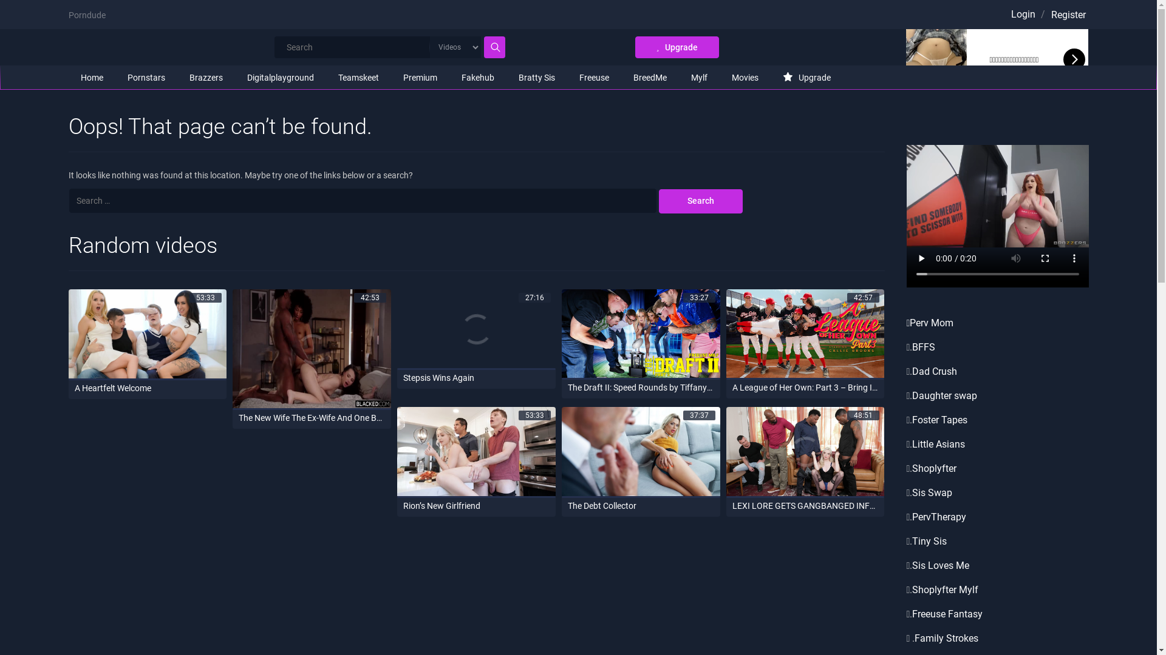  I want to click on 'Dad Crush', so click(934, 371).